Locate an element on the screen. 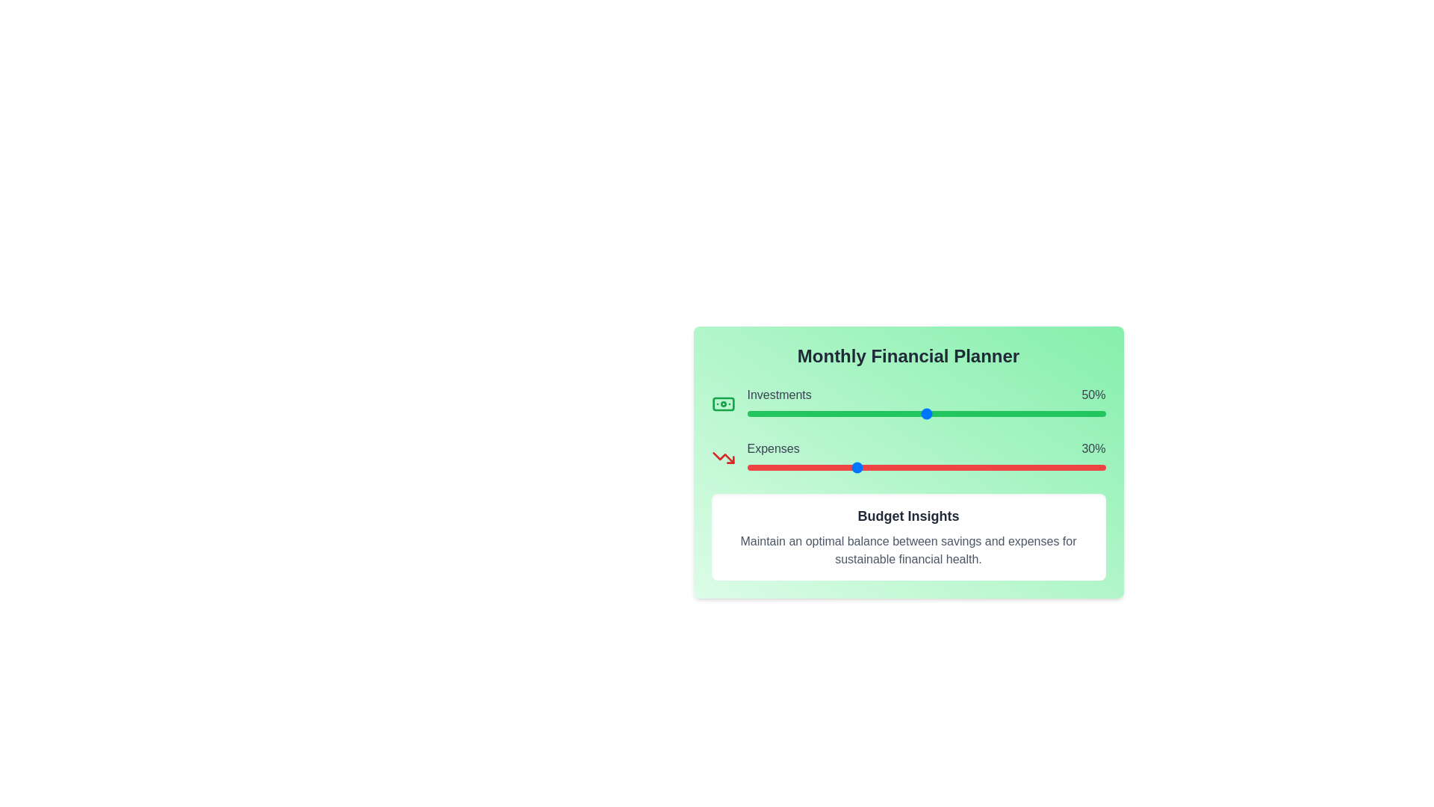 The width and height of the screenshot is (1434, 807). the 'Expenses' slider to set its value to 94% is located at coordinates (1084, 466).